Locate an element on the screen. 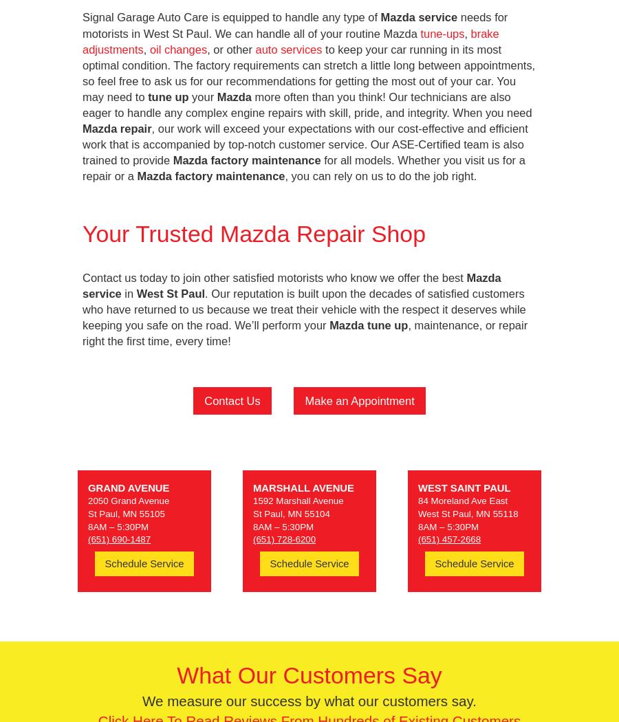 This screenshot has width=619, height=722. 'West Saint Paul' is located at coordinates (464, 487).